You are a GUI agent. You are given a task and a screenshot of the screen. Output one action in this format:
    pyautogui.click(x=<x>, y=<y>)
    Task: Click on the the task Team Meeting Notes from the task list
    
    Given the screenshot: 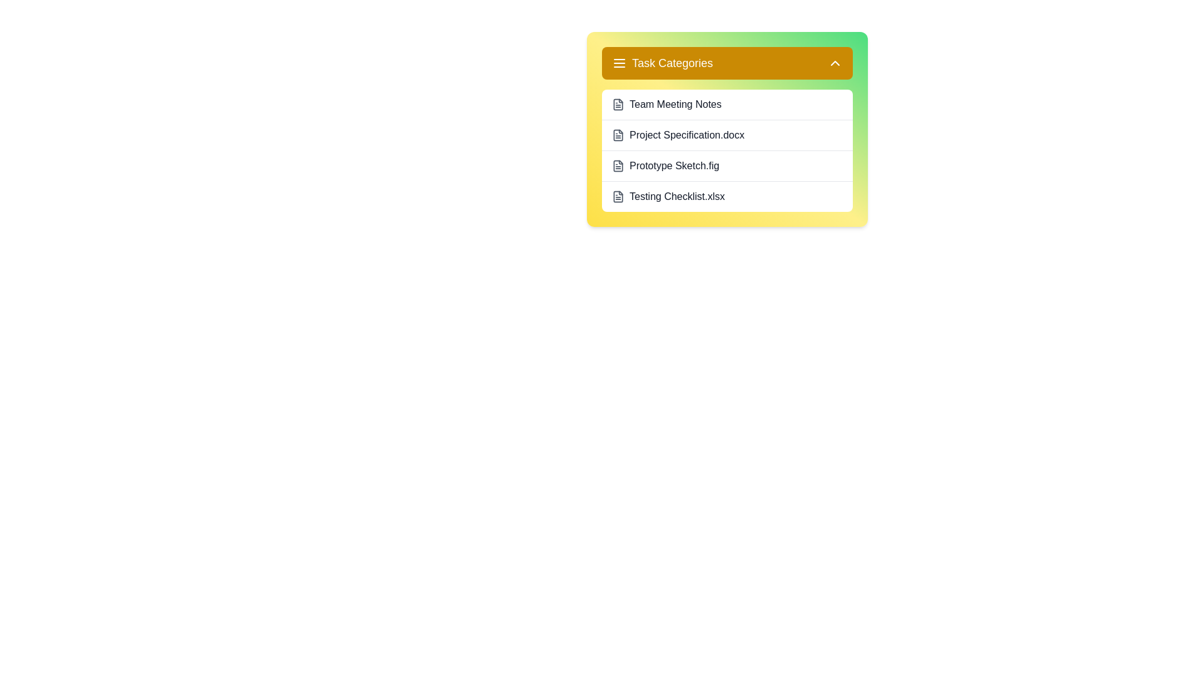 What is the action you would take?
    pyautogui.click(x=727, y=103)
    